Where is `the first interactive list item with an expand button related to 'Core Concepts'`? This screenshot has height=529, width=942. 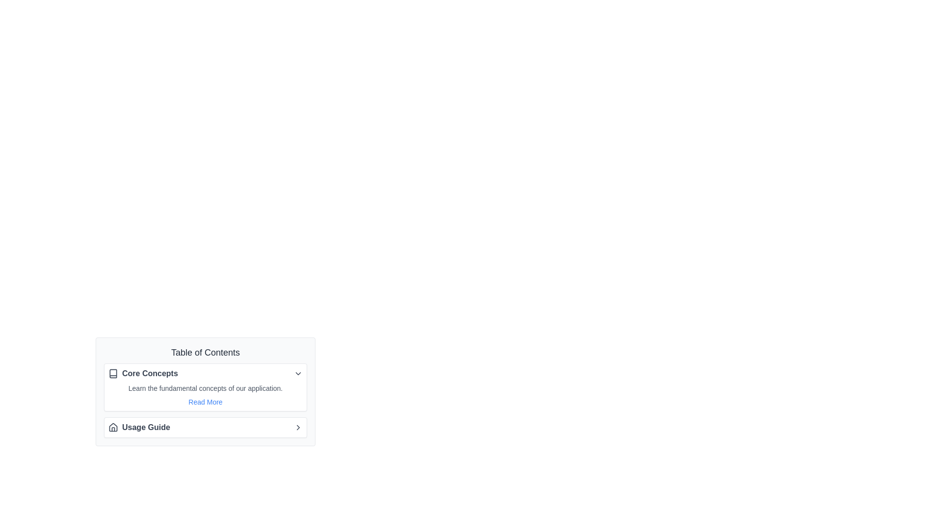 the first interactive list item with an expand button related to 'Core Concepts' is located at coordinates (205, 374).